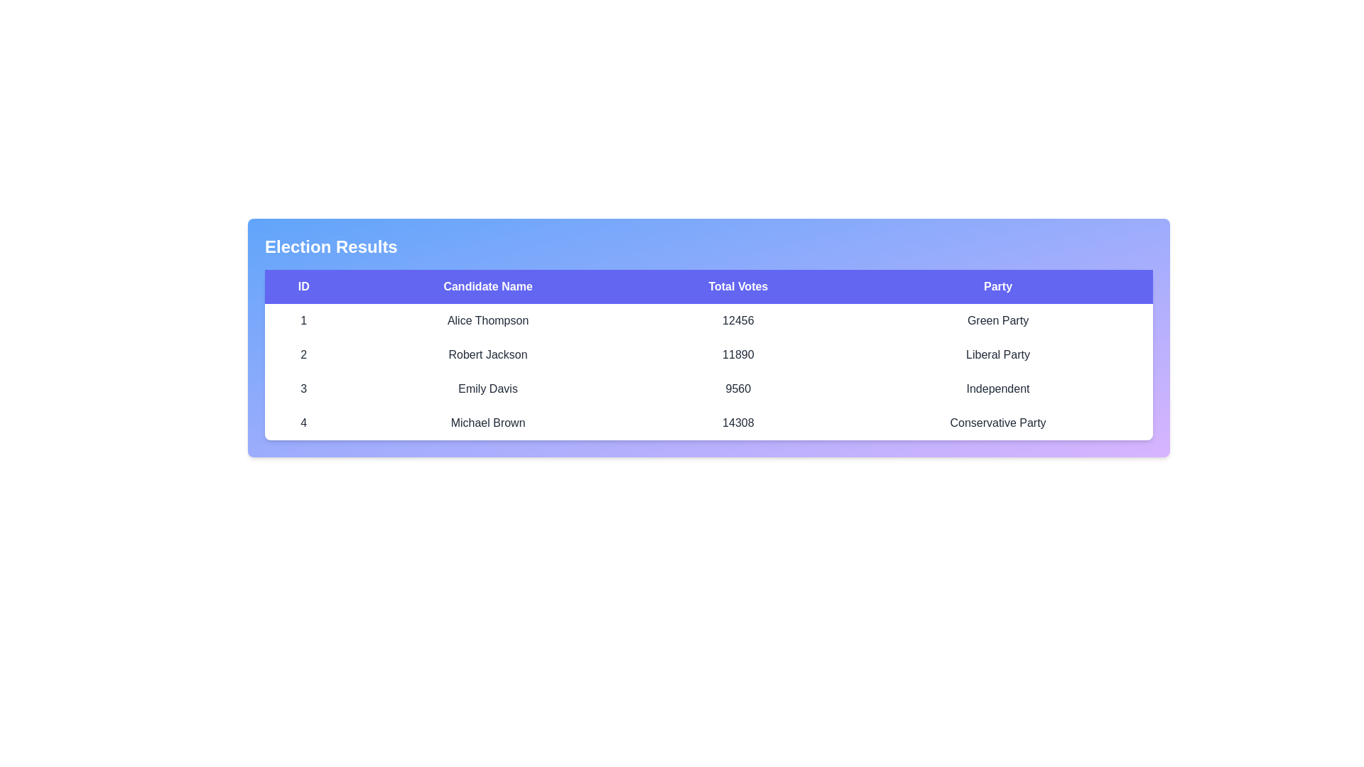 The width and height of the screenshot is (1364, 767). What do you see at coordinates (709, 388) in the screenshot?
I see `the row corresponding to the candidate with ID 3` at bounding box center [709, 388].